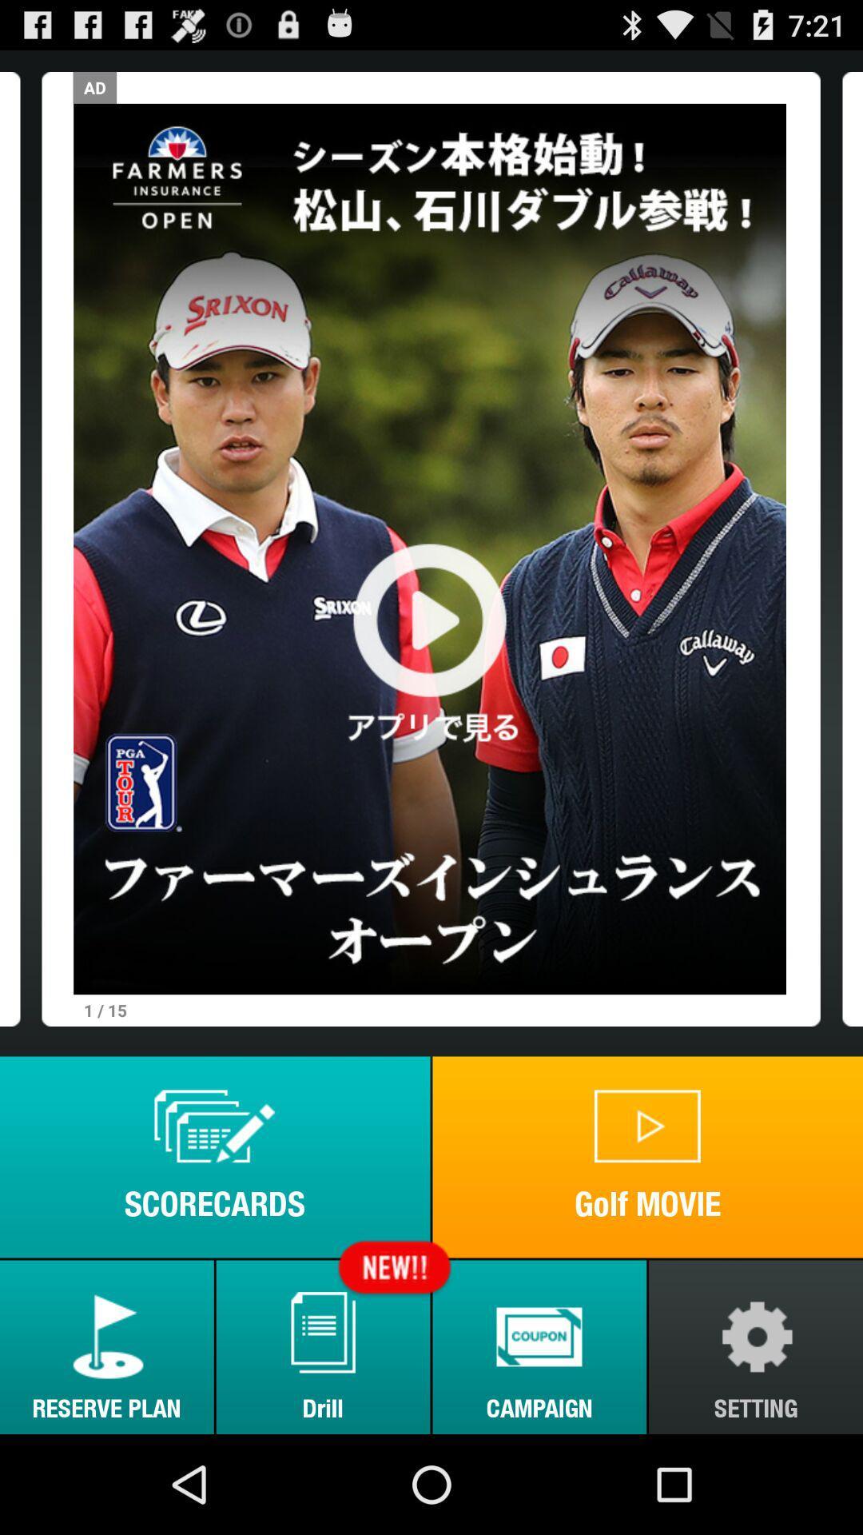 The height and width of the screenshot is (1535, 863). Describe the element at coordinates (323, 1346) in the screenshot. I see `the button next to the campaign item` at that location.